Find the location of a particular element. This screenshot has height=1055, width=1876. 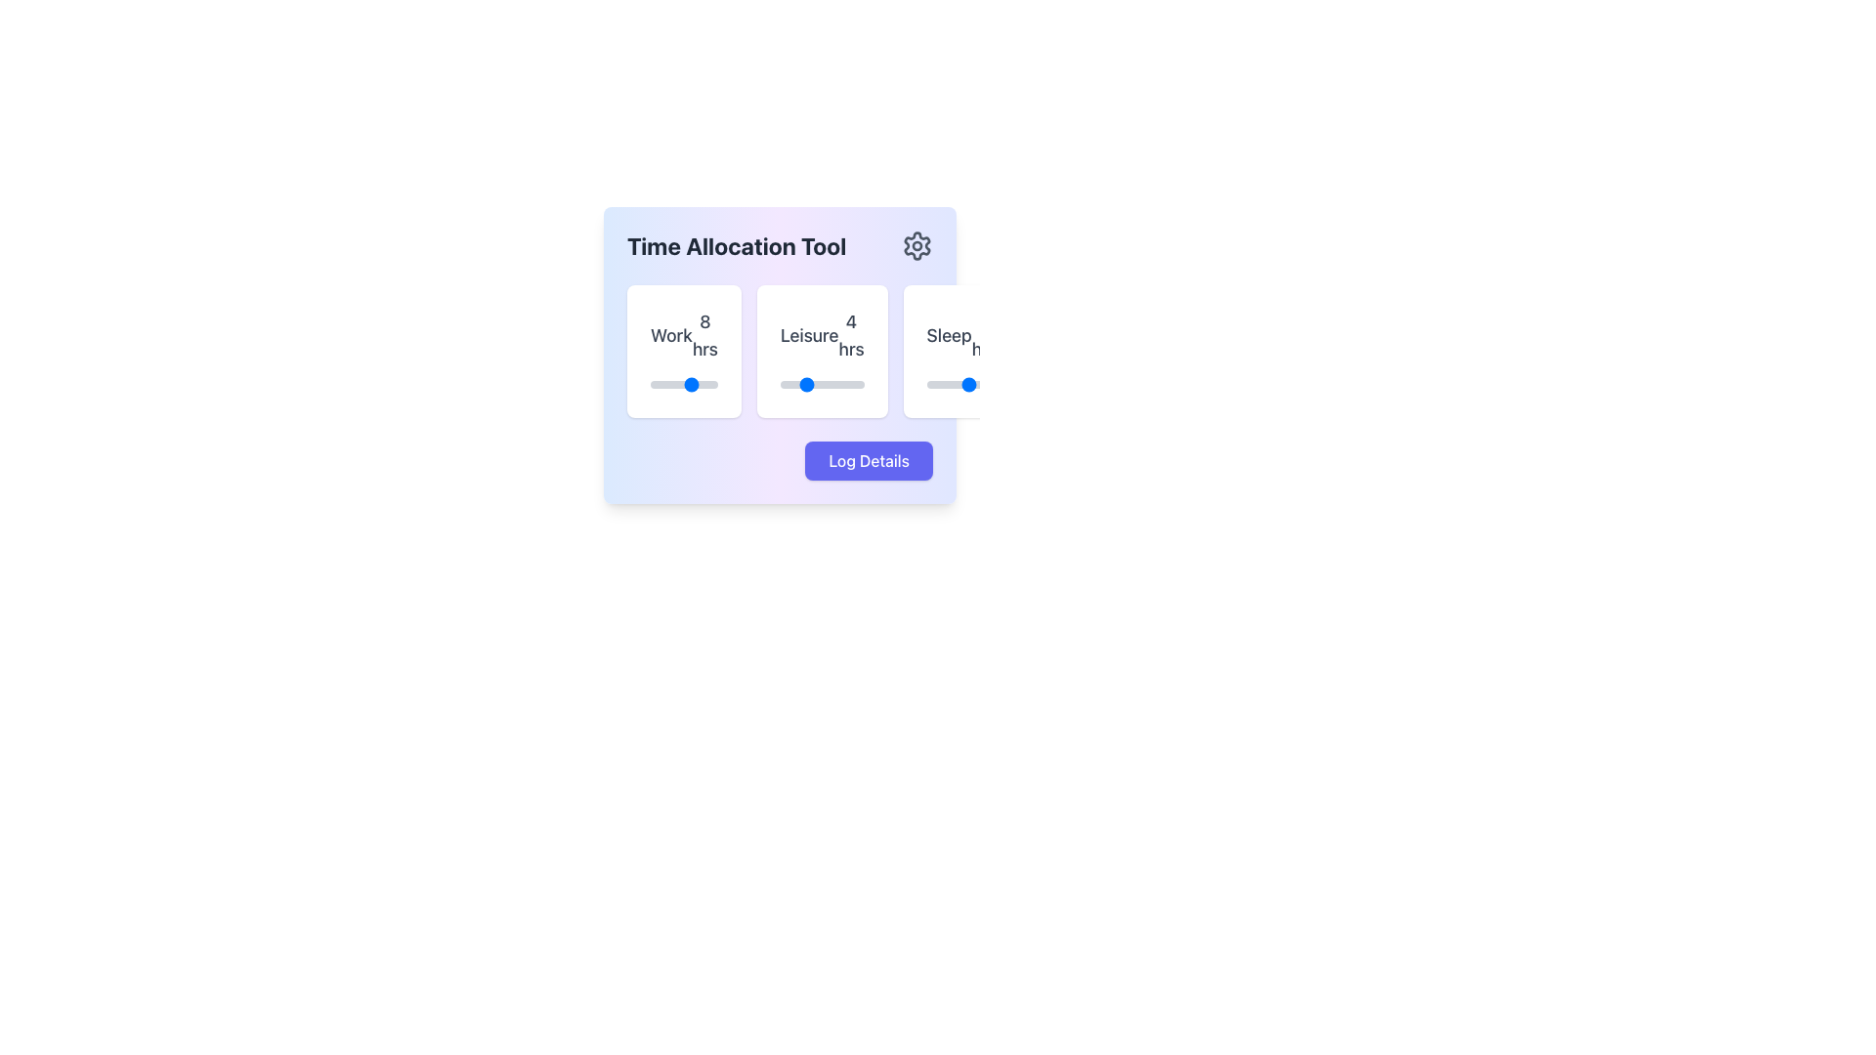

the leisure time slider is located at coordinates (811, 384).